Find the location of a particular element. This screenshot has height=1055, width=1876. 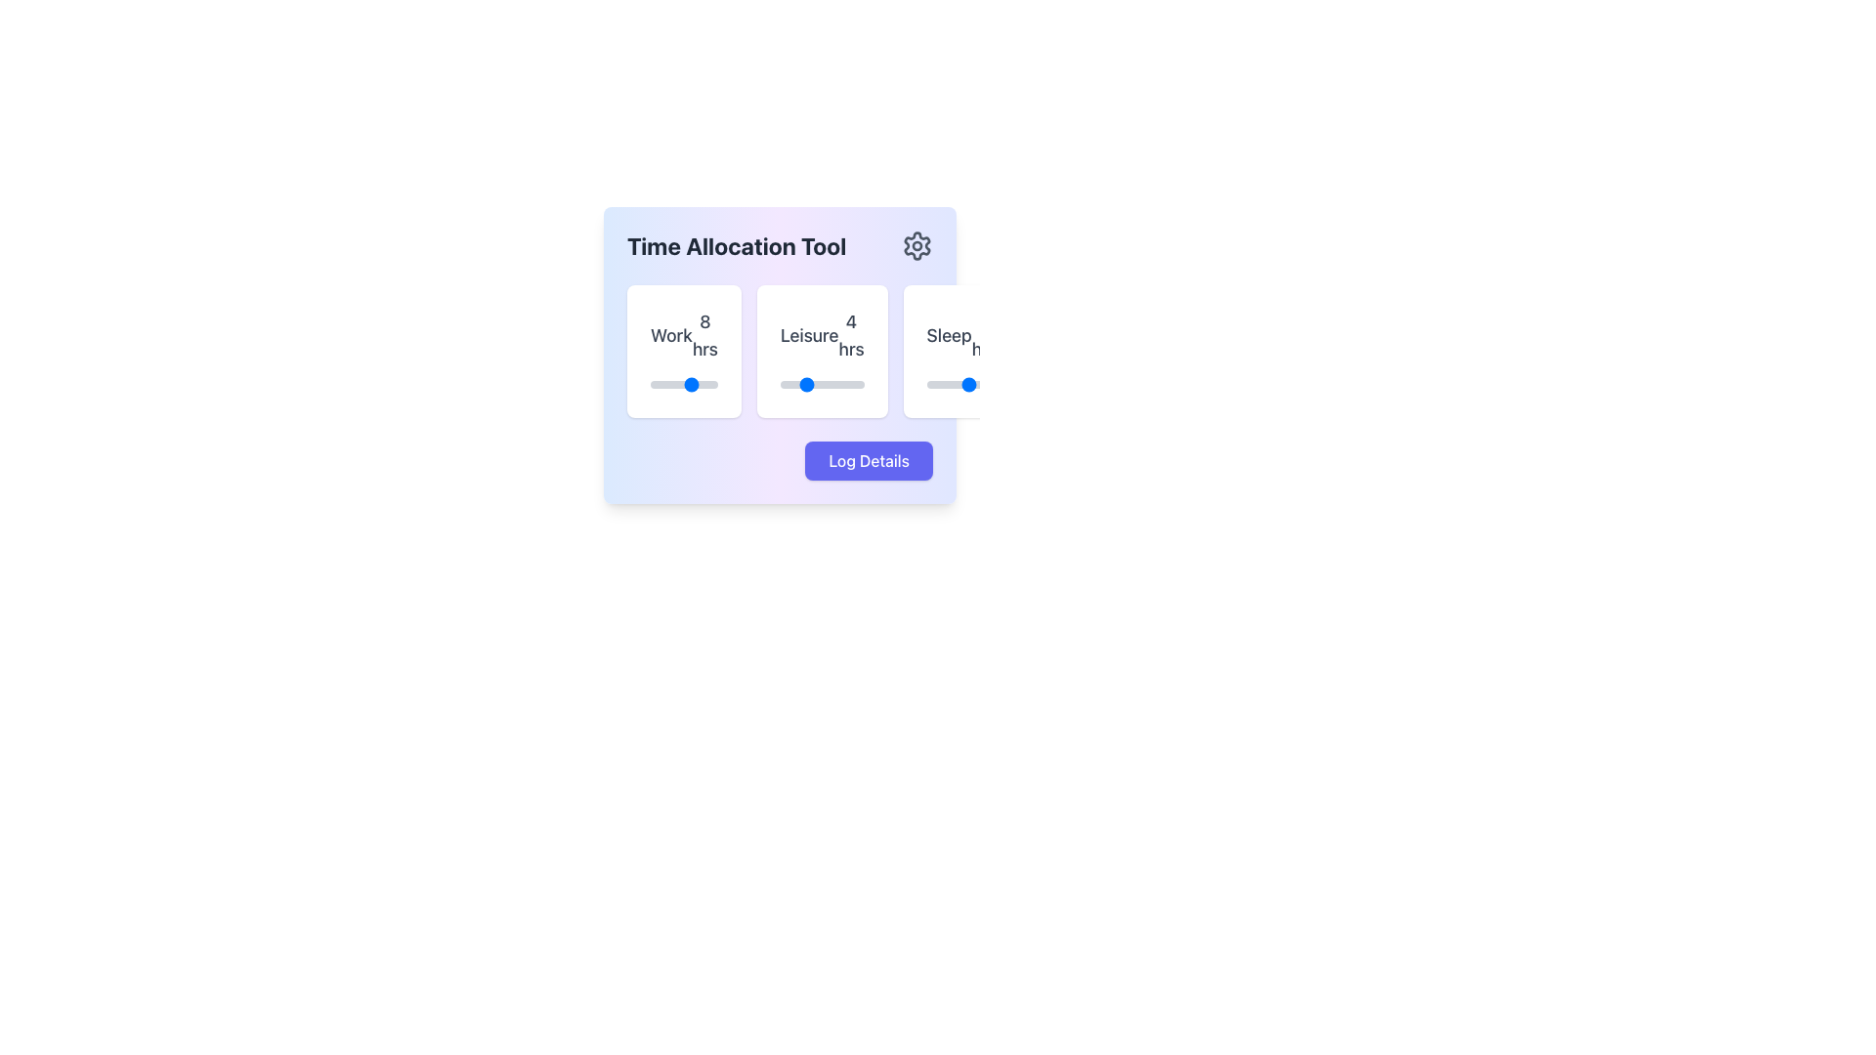

the leisure time slider is located at coordinates (811, 384).